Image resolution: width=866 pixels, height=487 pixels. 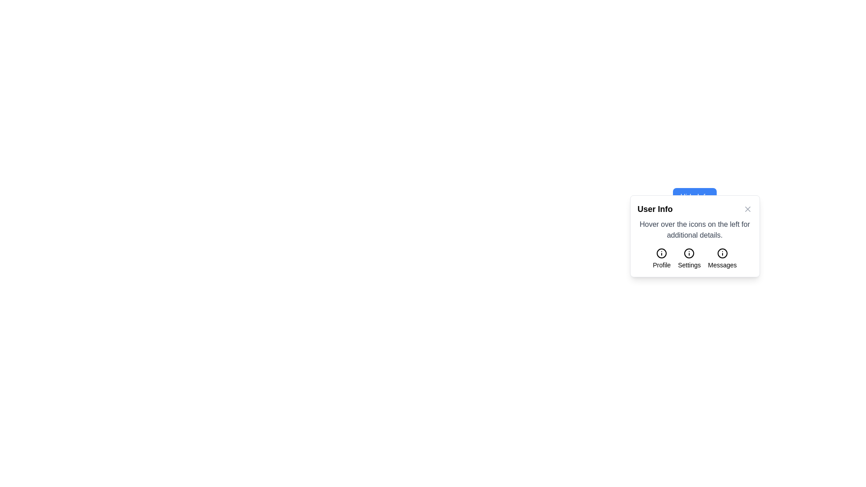 What do you see at coordinates (689, 264) in the screenshot?
I see `the 'Settings' text label, which is a small font label positioned below a settings icon and part of a group of options including 'Profile', 'Settings', and 'Messages'` at bounding box center [689, 264].